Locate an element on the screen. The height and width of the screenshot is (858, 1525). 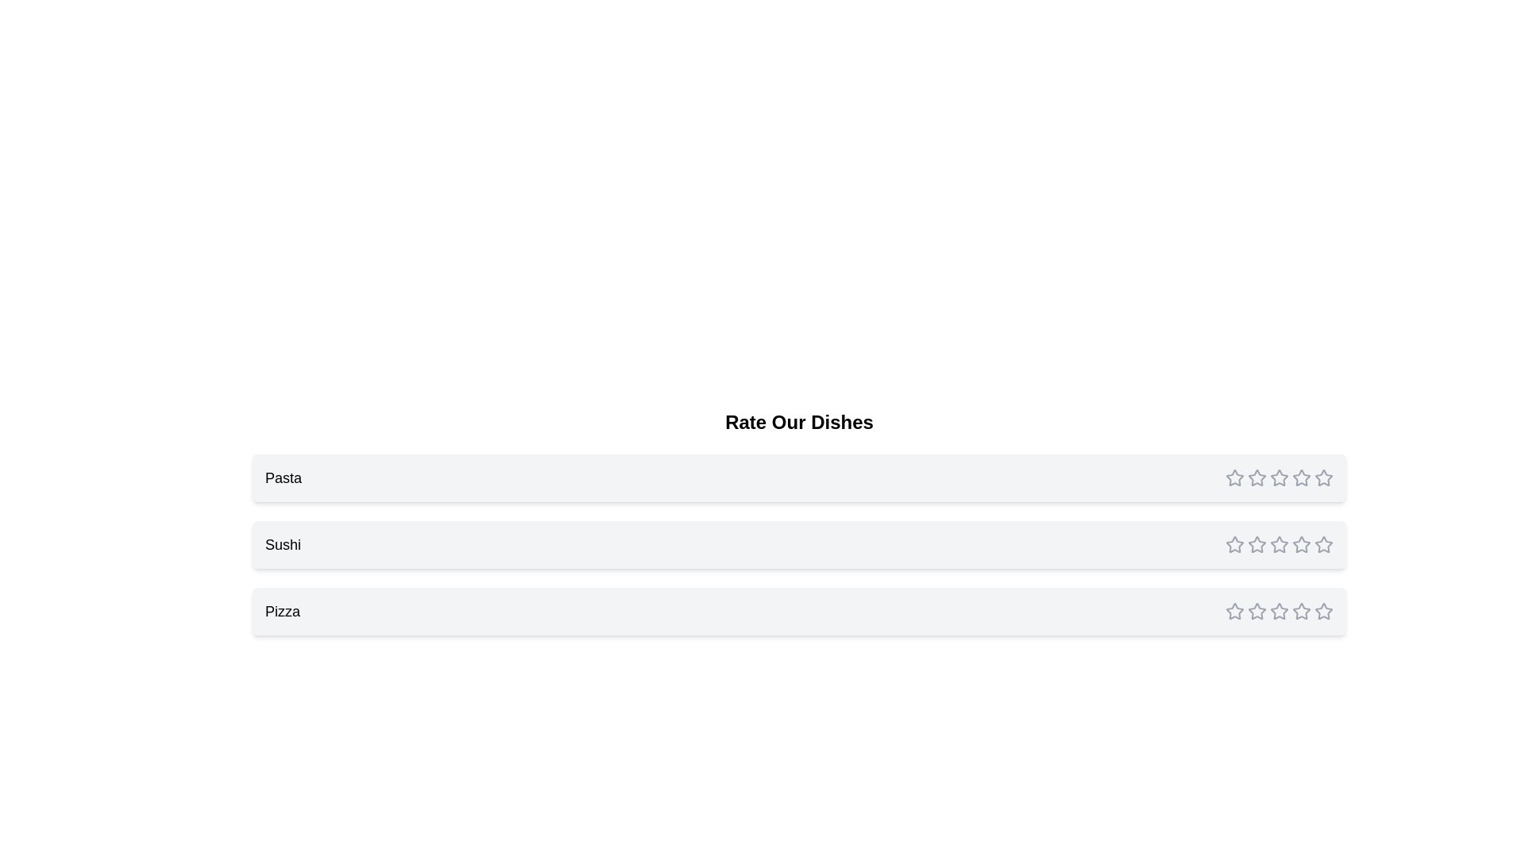
the fourth star icon in the rating bar for Sushi is located at coordinates (1301, 544).